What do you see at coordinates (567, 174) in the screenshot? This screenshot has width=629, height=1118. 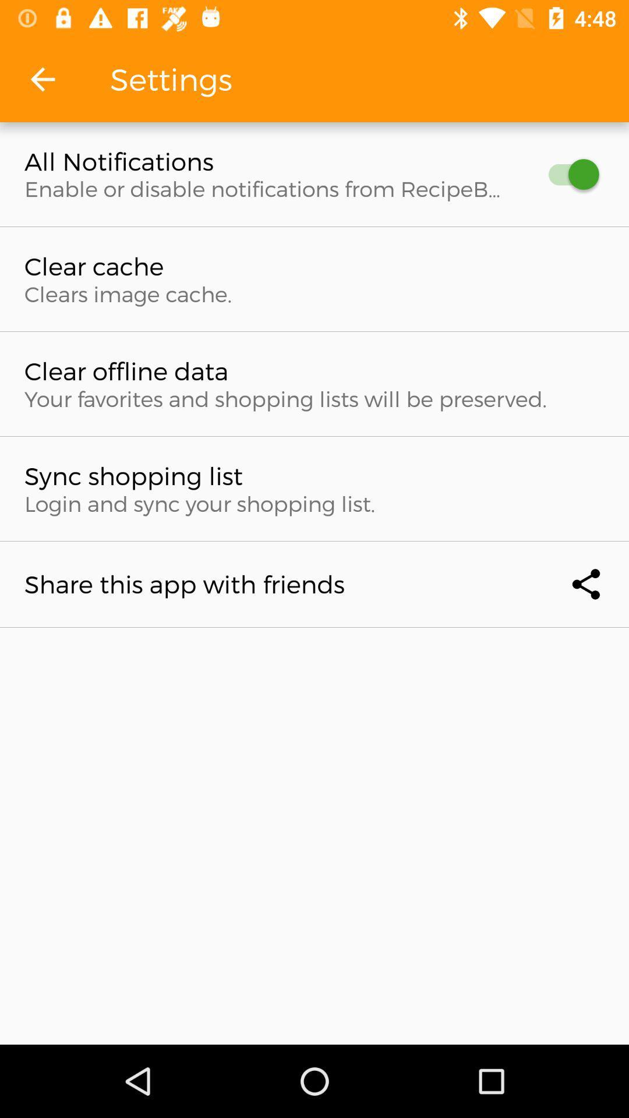 I see `turn off notifications` at bounding box center [567, 174].